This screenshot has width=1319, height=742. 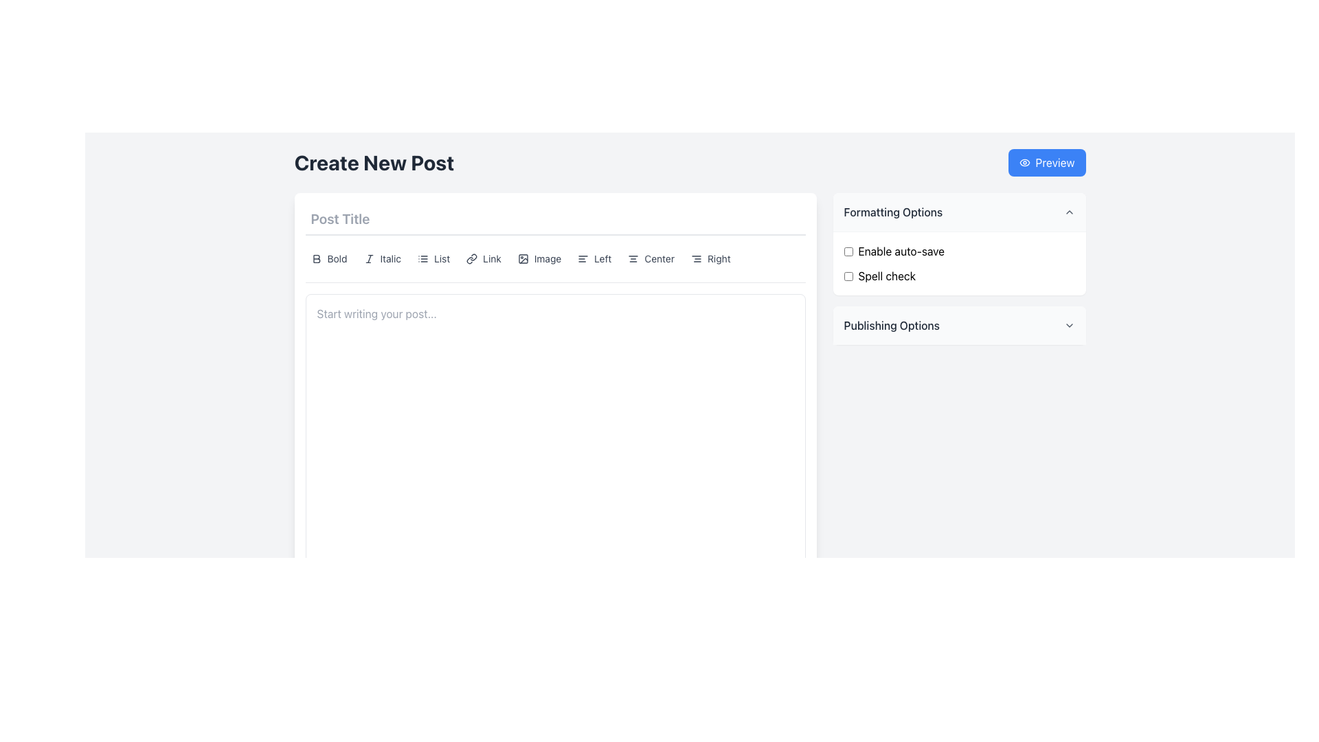 What do you see at coordinates (696, 259) in the screenshot?
I see `the right alignment icon within the toolbar button` at bounding box center [696, 259].